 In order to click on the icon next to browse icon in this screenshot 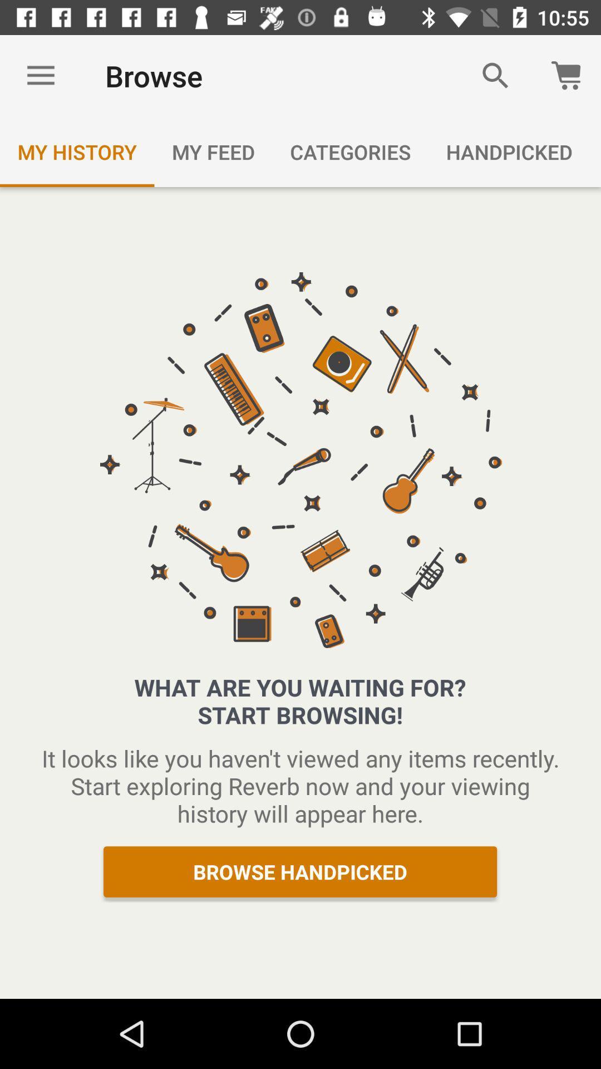, I will do `click(40, 75)`.